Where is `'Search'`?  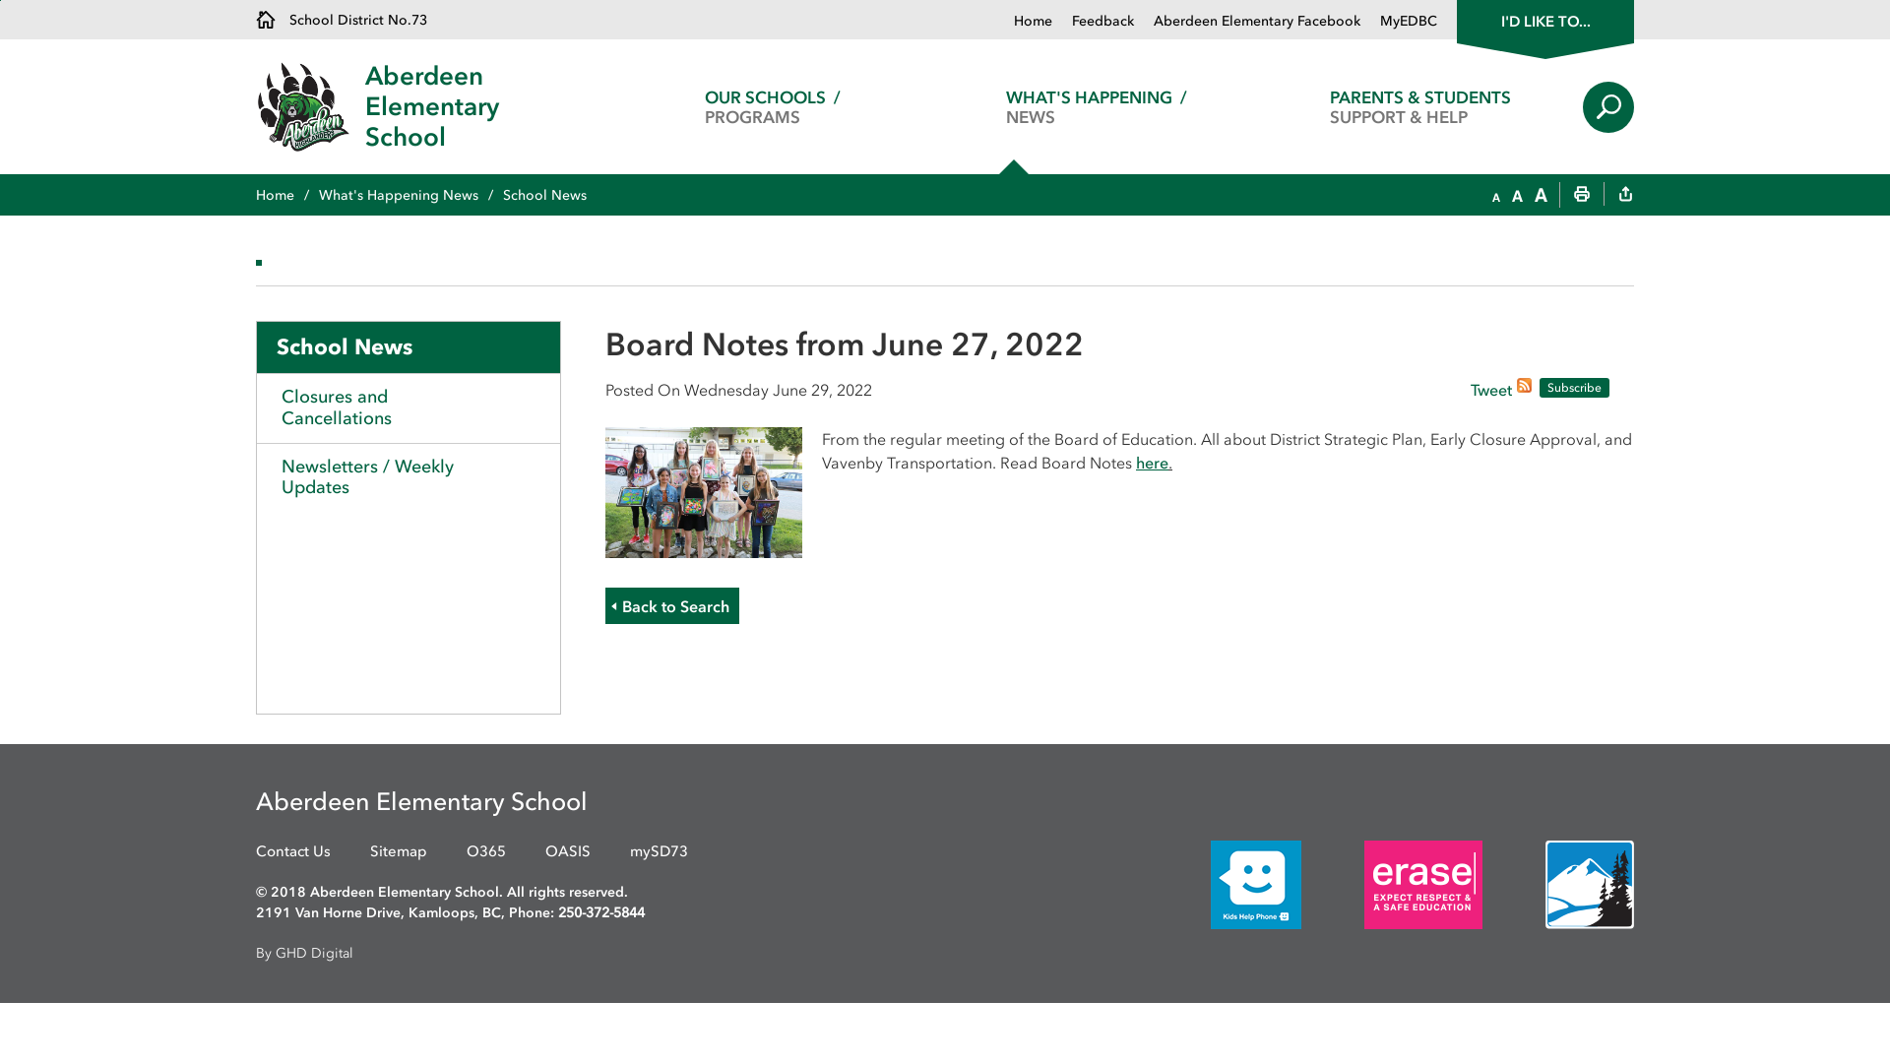 'Search' is located at coordinates (1607, 106).